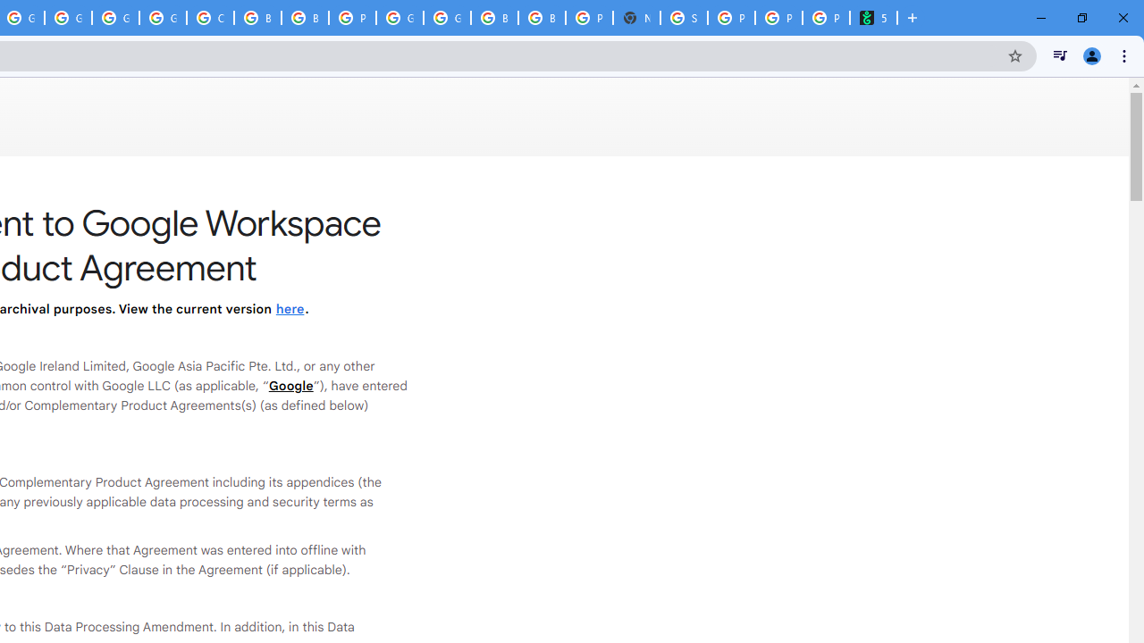 The height and width of the screenshot is (643, 1144). What do you see at coordinates (257, 18) in the screenshot?
I see `'Browse Chrome as a guest - Computer - Google Chrome Help'` at bounding box center [257, 18].